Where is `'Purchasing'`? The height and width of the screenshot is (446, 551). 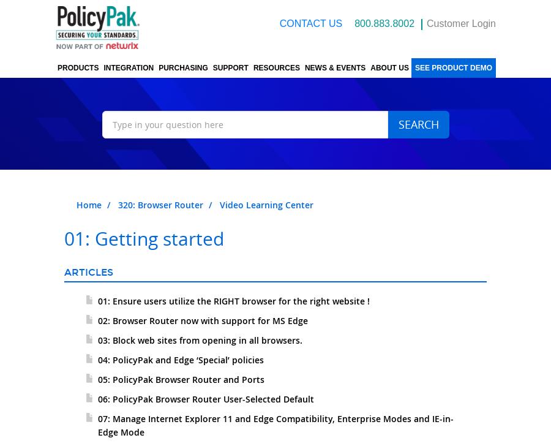
'Purchasing' is located at coordinates (182, 68).